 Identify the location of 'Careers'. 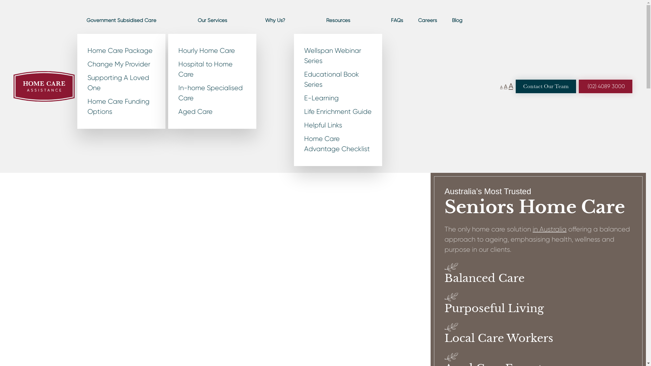
(411, 20).